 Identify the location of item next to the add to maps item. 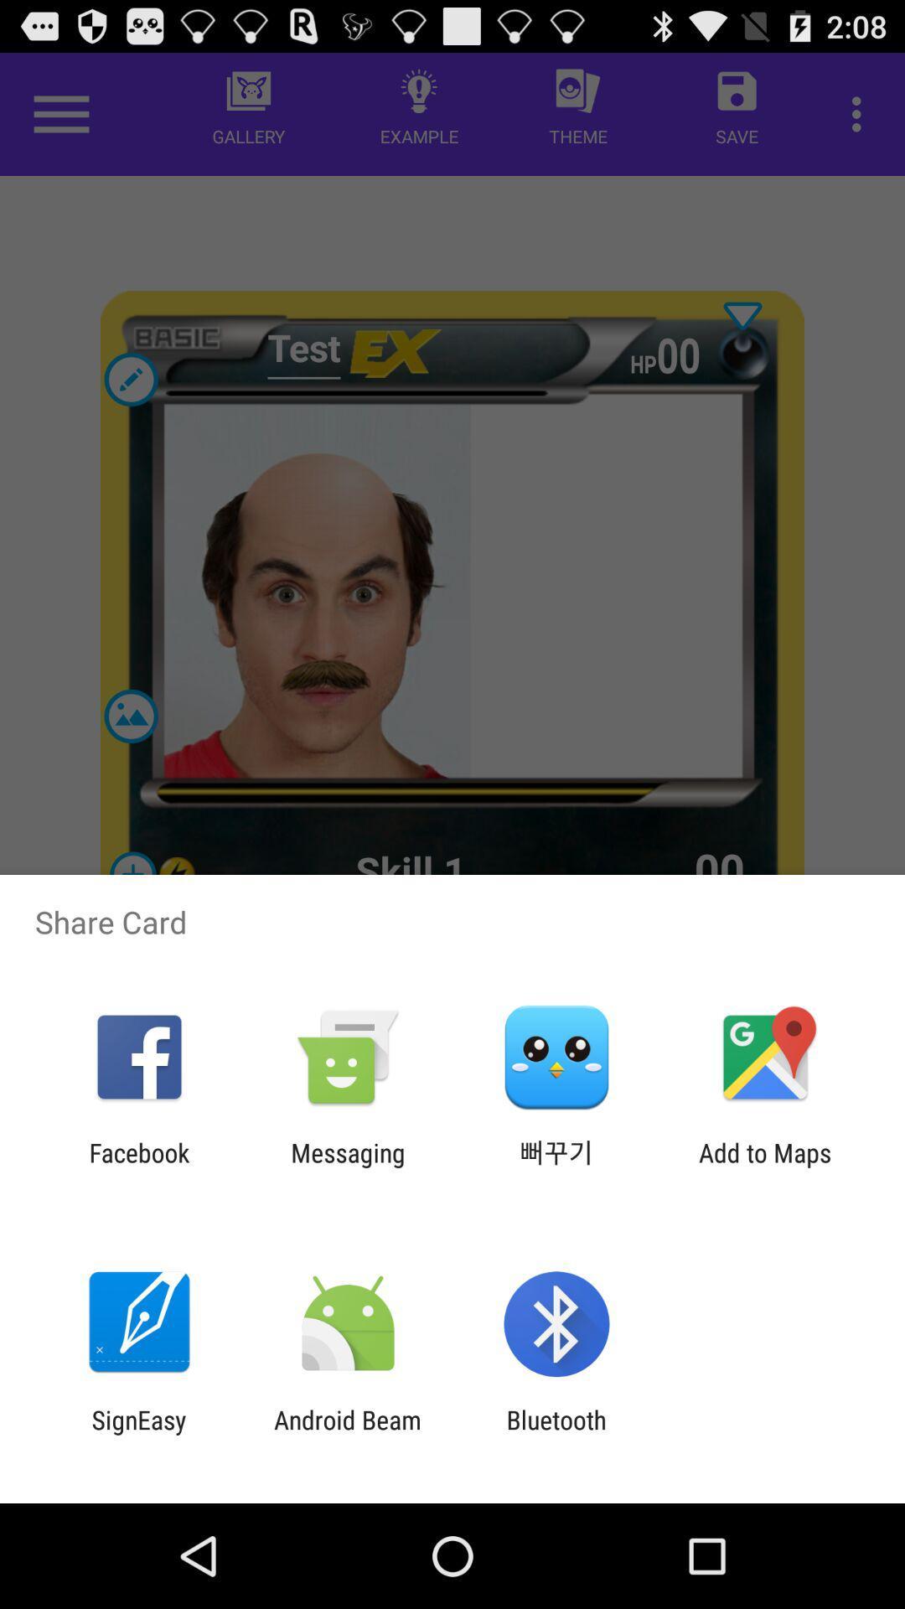
(556, 1167).